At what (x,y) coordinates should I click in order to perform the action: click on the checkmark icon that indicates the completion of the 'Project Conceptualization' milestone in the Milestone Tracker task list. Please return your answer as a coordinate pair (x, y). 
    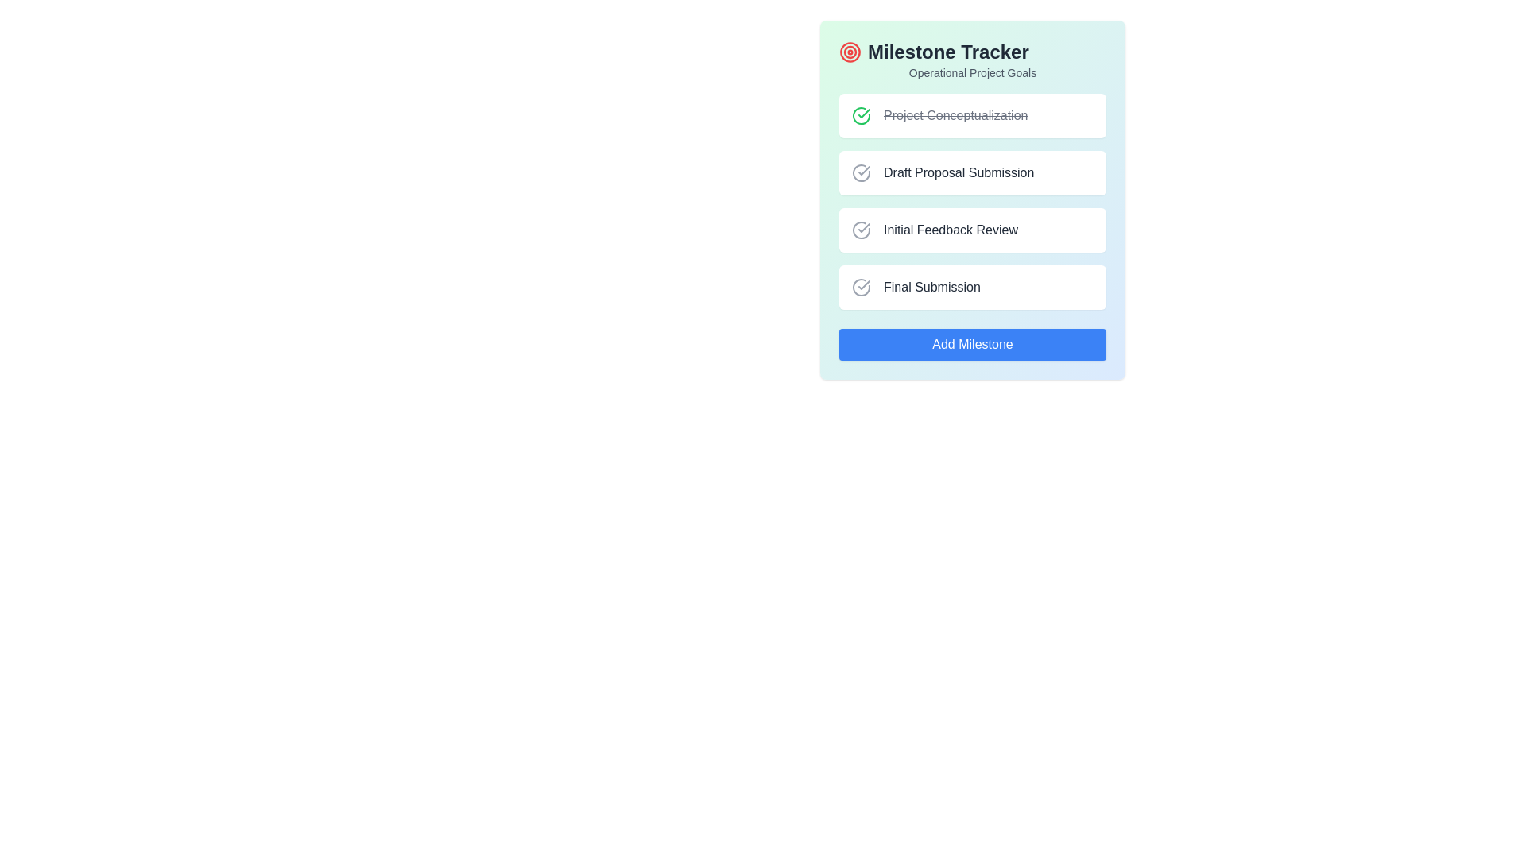
    Looking at the image, I should click on (861, 115).